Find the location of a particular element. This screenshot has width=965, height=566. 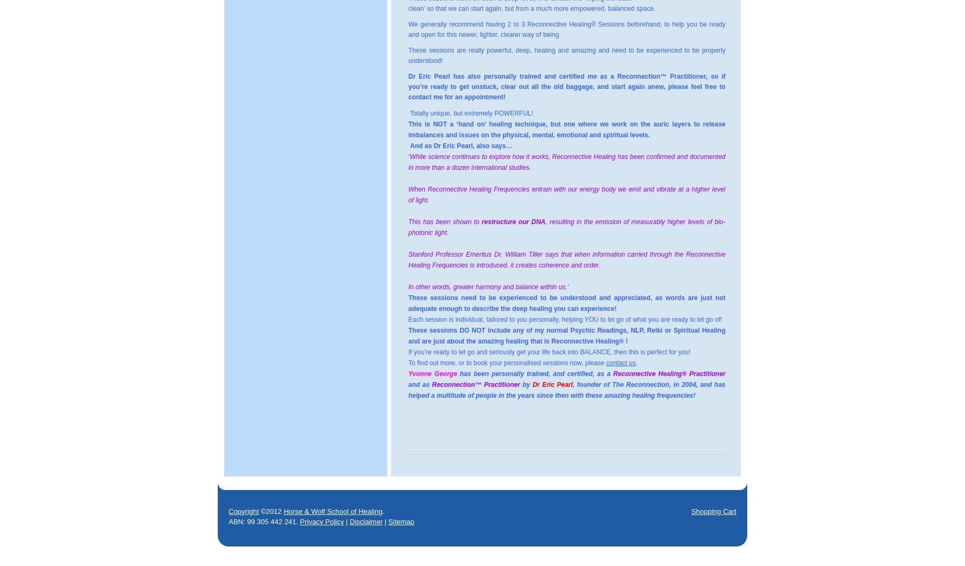

'seo company' is located at coordinates (505, 556).